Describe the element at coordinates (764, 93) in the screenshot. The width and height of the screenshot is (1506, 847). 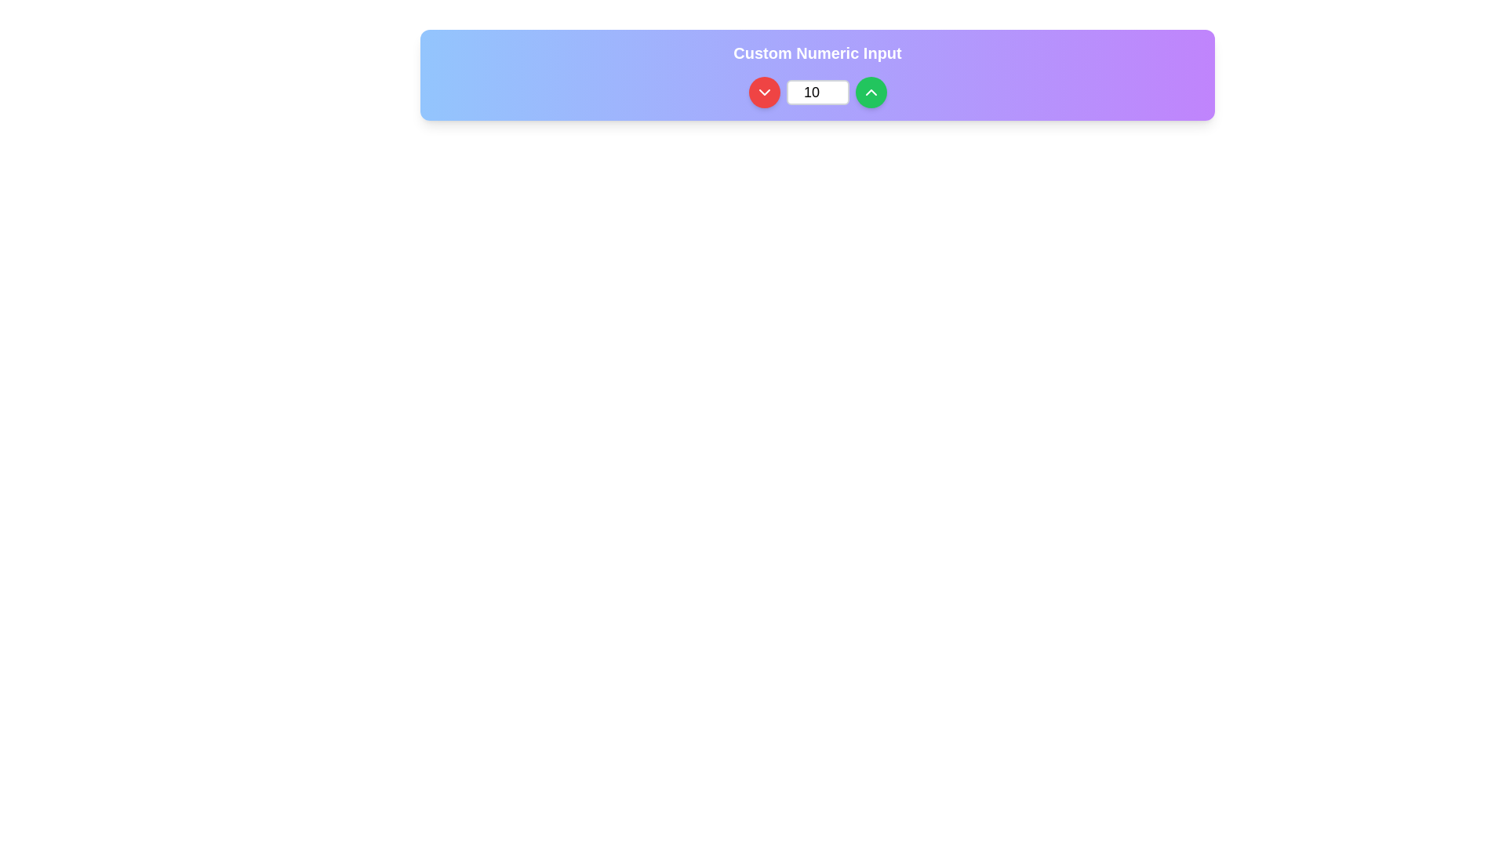
I see `the circular button with a red background and a white downward chevron icon, located at the far left among three primary controls` at that location.